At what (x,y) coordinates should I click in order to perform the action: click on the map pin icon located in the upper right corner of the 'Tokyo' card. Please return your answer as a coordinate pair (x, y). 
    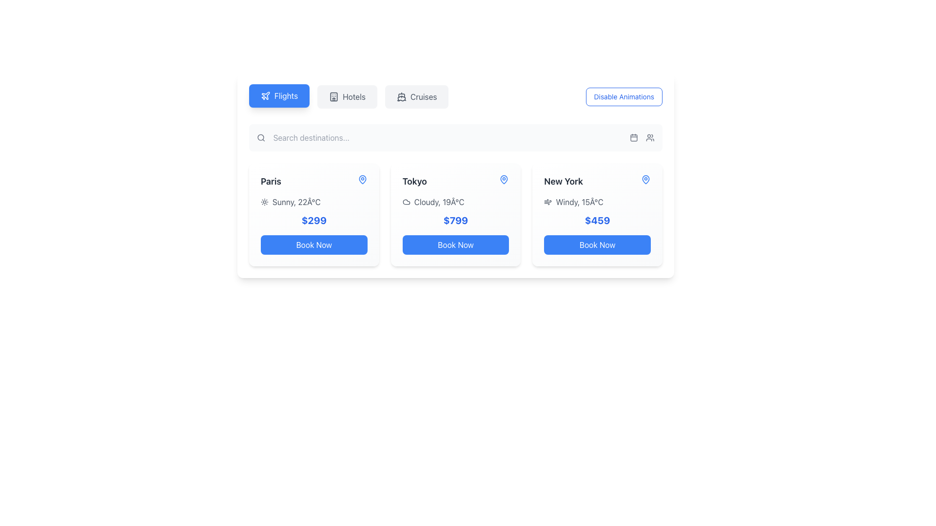
    Looking at the image, I should click on (504, 180).